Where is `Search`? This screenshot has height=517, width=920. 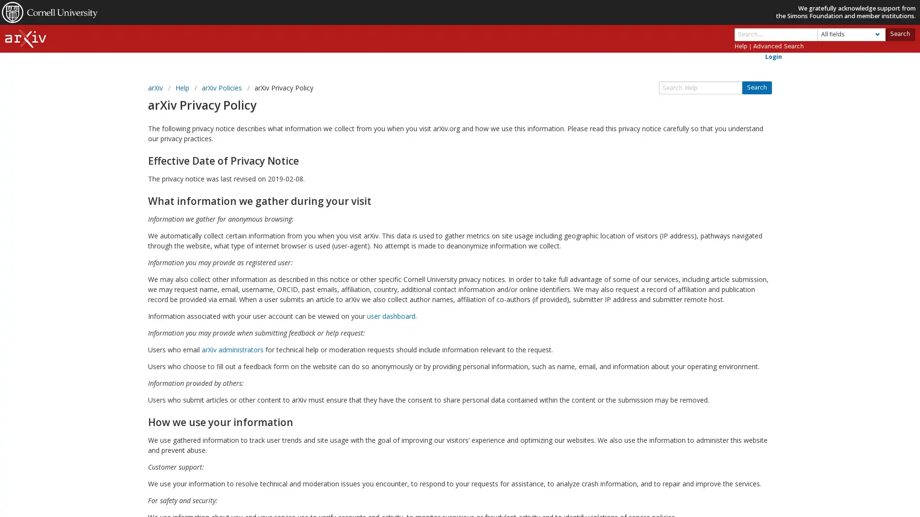
Search is located at coordinates (756, 88).